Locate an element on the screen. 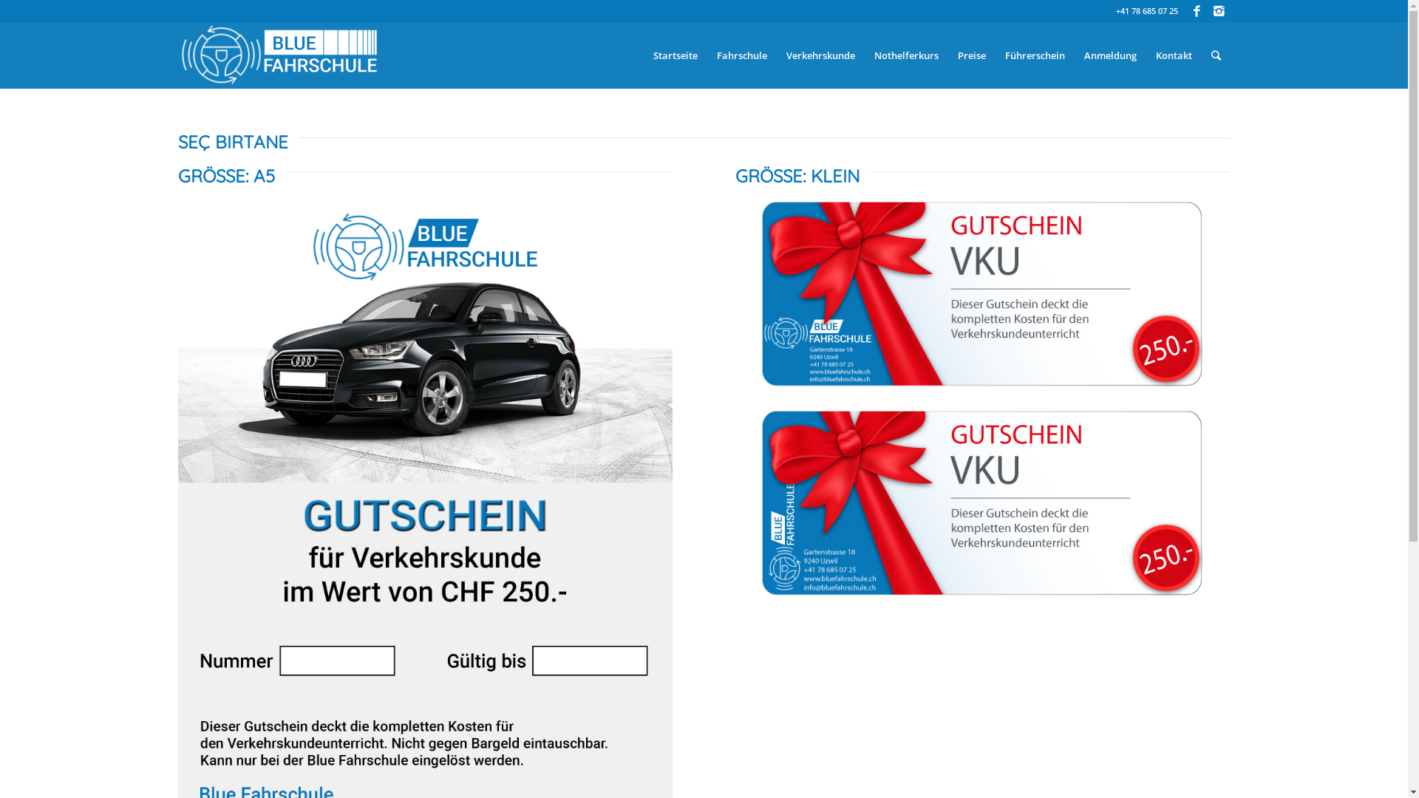  'Startseite' is located at coordinates (673, 54).